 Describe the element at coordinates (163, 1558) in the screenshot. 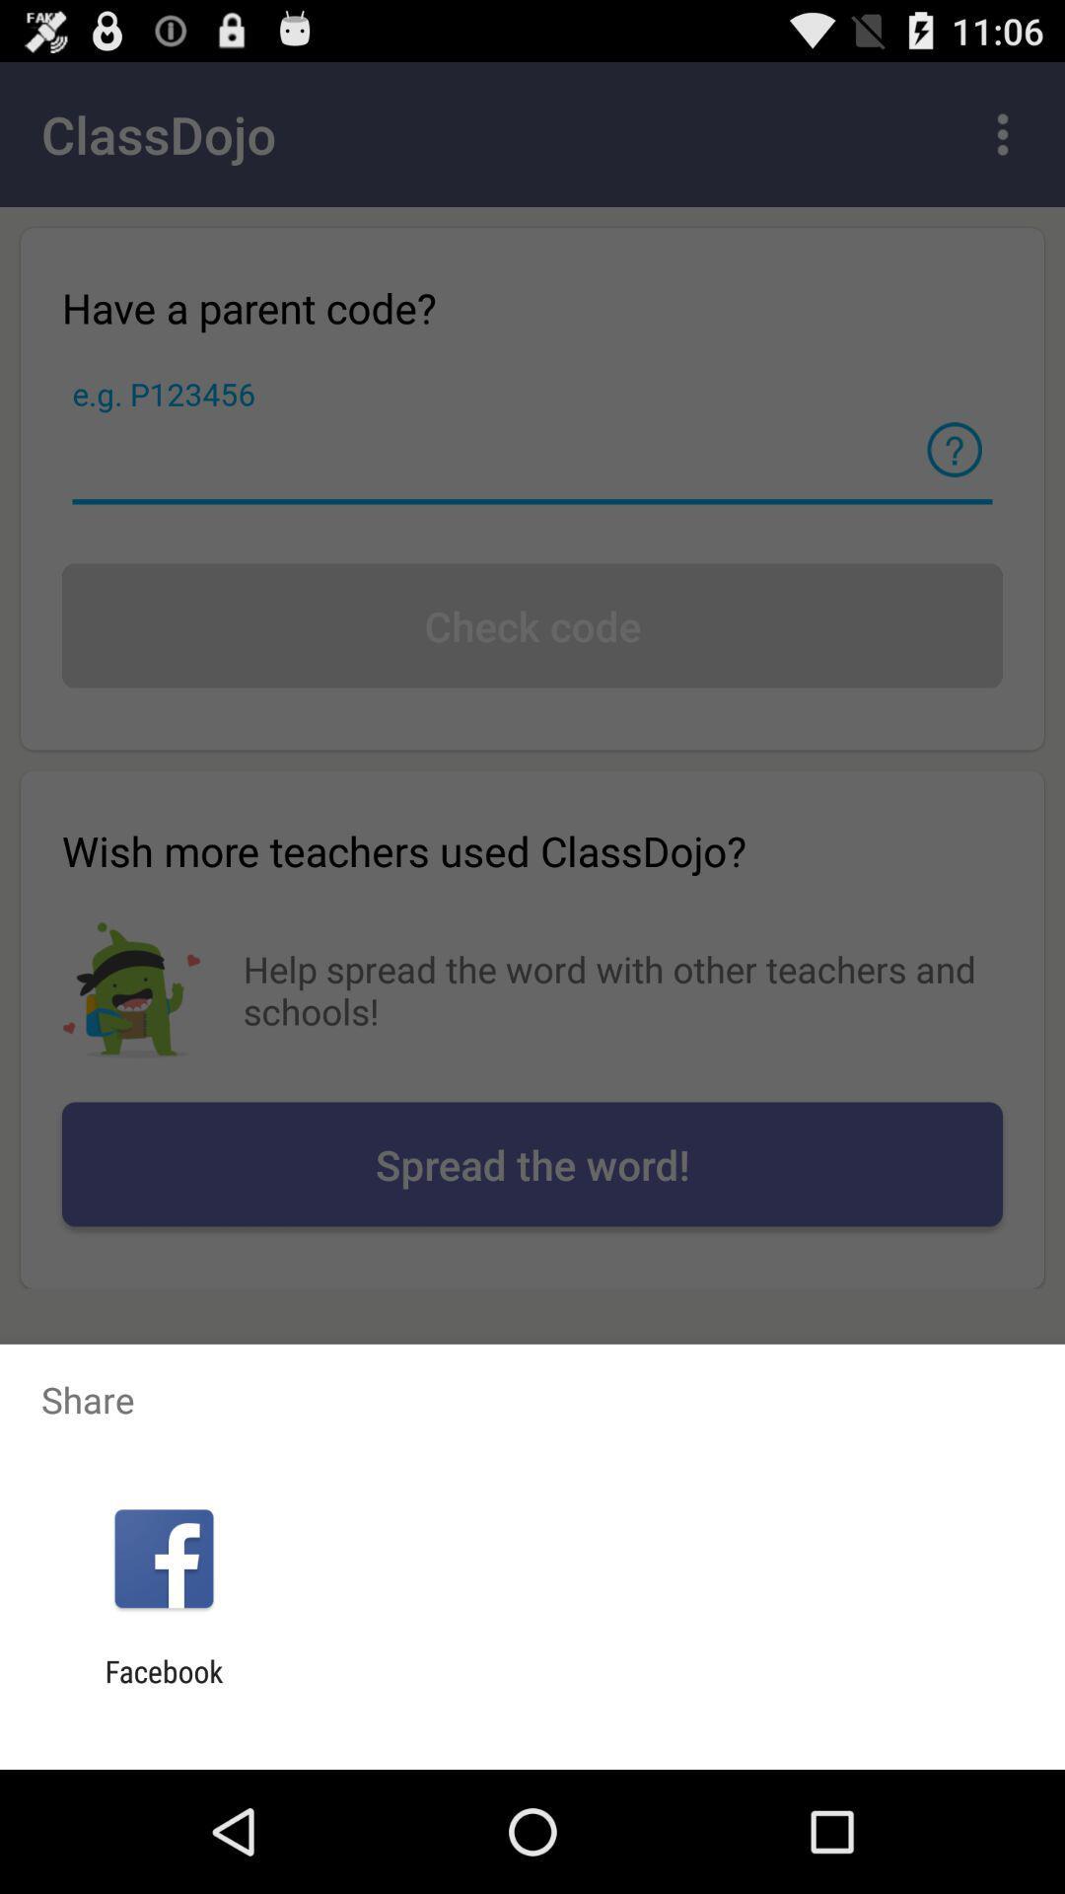

I see `the app below share item` at that location.